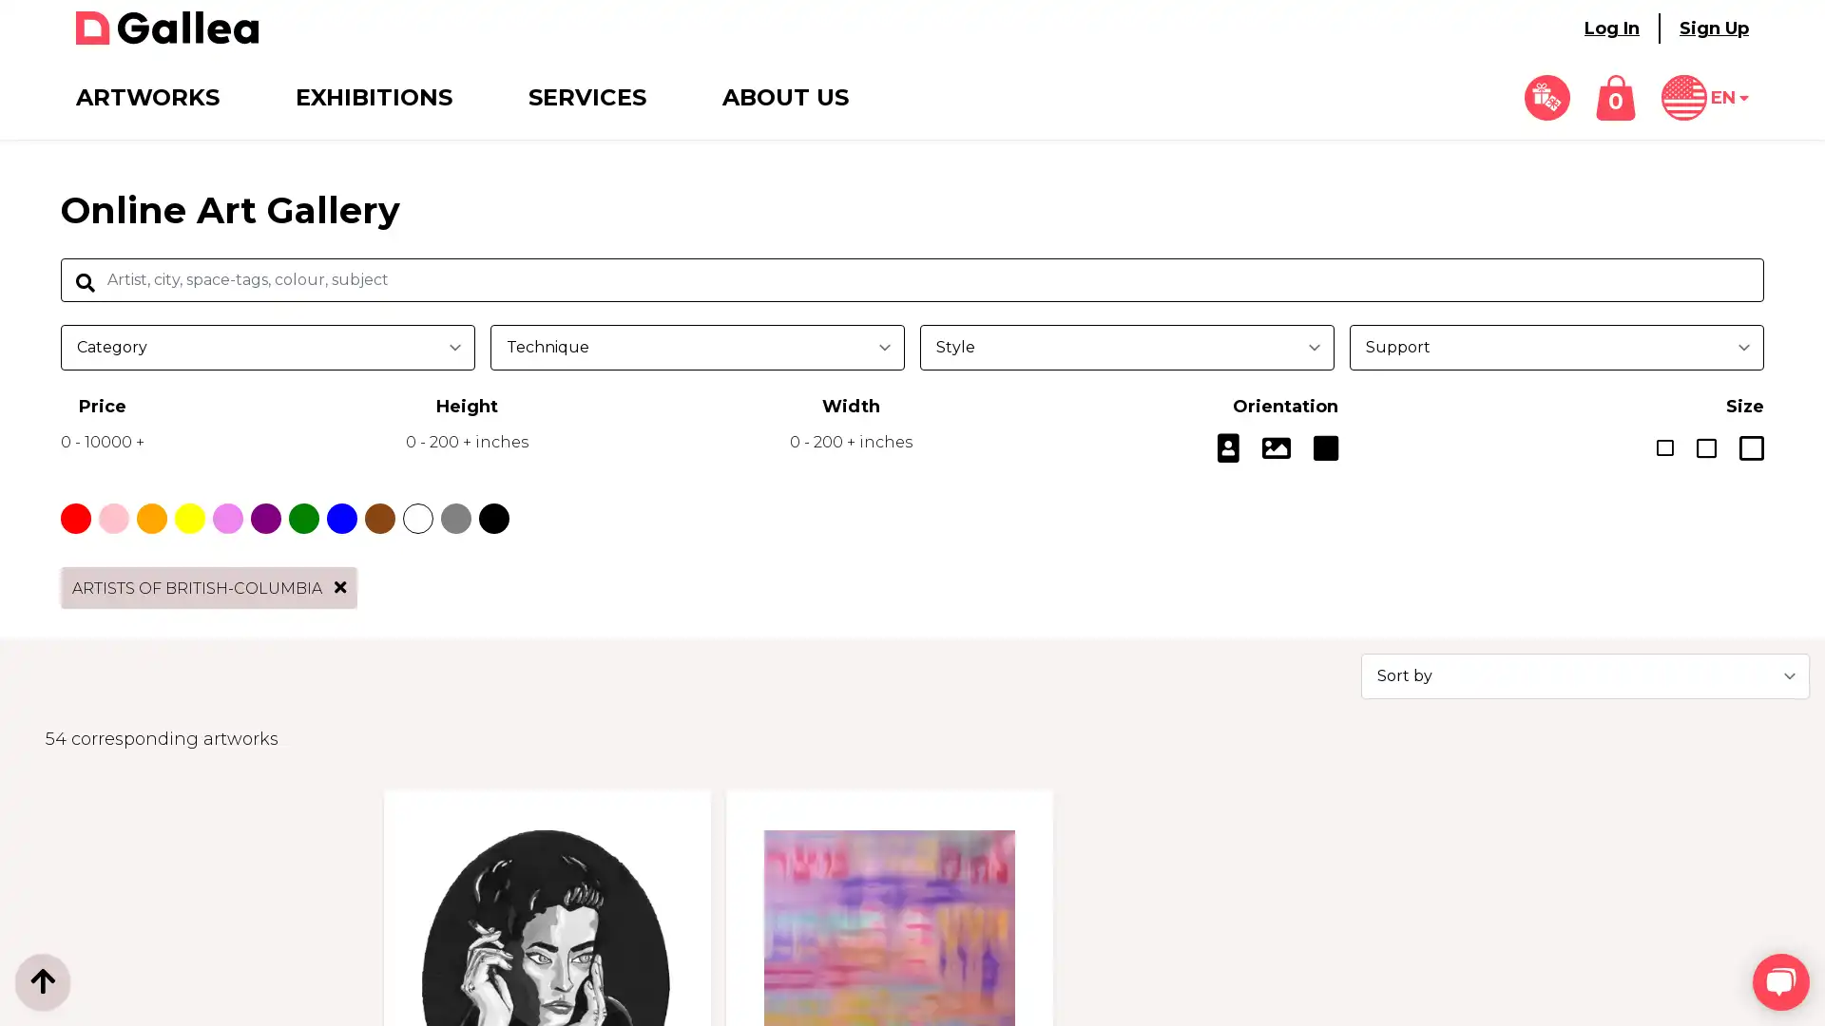 This screenshot has width=1825, height=1026. What do you see at coordinates (1705, 98) in the screenshot?
I see `EN` at bounding box center [1705, 98].